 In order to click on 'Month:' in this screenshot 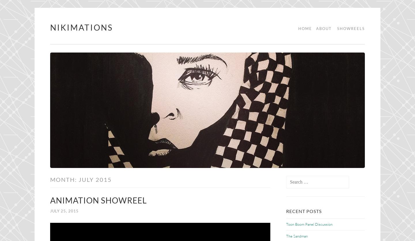, I will do `click(64, 179)`.